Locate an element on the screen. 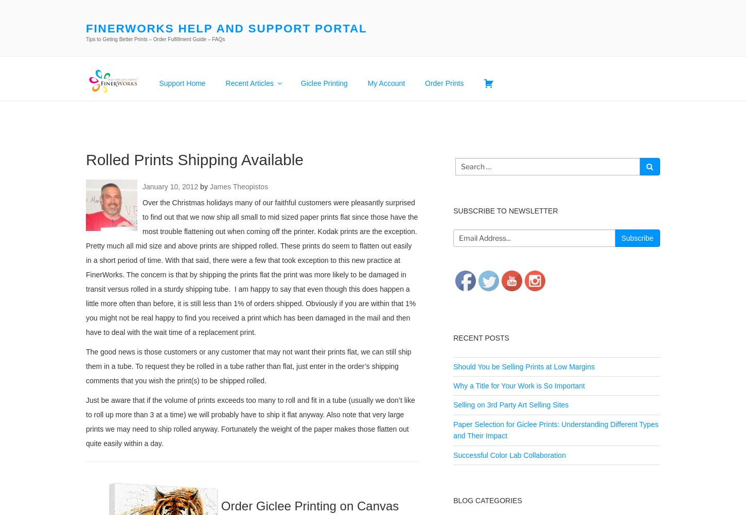  'Follow' is located at coordinates (489, 240).